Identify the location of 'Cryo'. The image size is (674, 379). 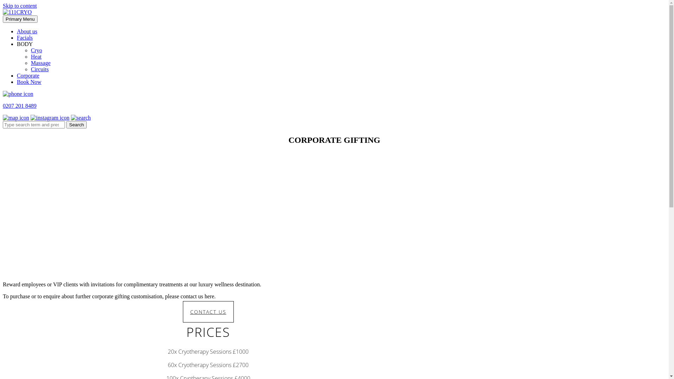
(30, 50).